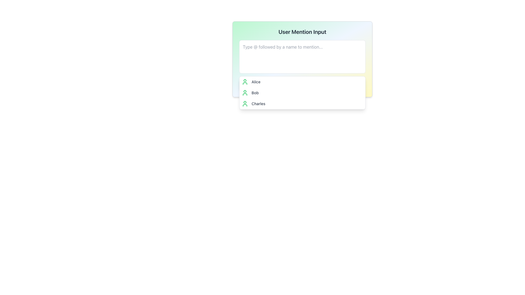 The height and width of the screenshot is (295, 525). I want to click on the user icon representing 'Charles' in the dropdown list under the 'User Mention Input' interface, so click(245, 104).